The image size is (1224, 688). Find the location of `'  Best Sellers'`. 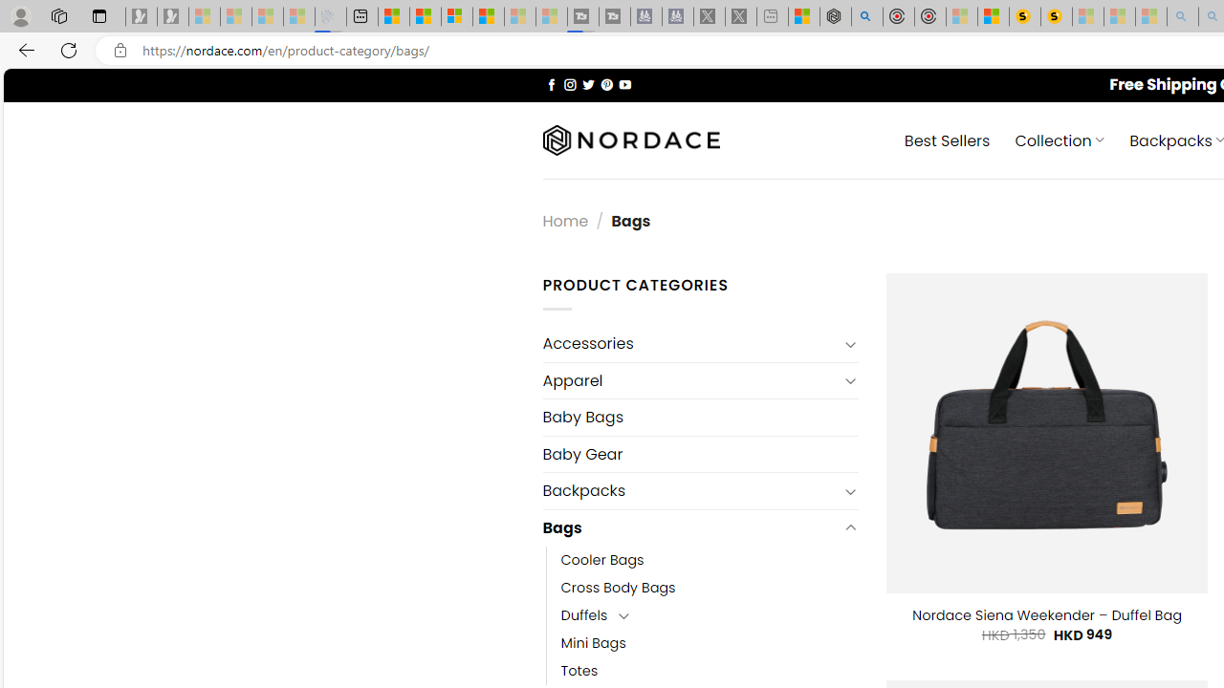

'  Best Sellers' is located at coordinates (947, 139).